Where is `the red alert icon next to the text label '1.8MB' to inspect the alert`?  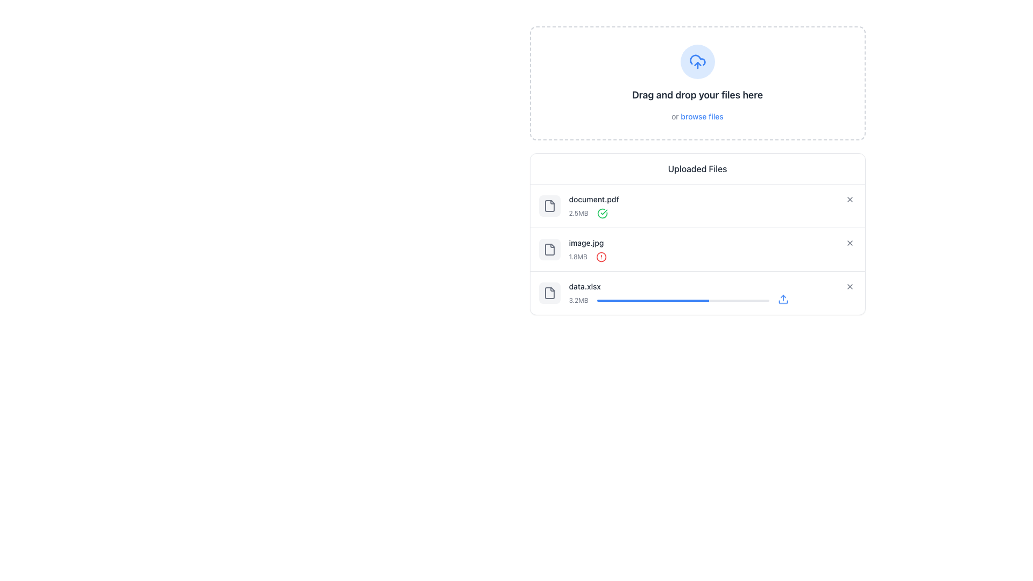
the red alert icon next to the text label '1.8MB' to inspect the alert is located at coordinates (712, 257).